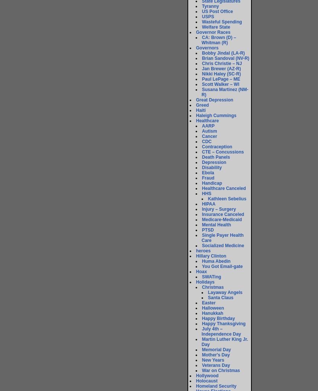 The width and height of the screenshot is (318, 391). I want to click on 'Brian Sandoval (NV-R)', so click(225, 58).